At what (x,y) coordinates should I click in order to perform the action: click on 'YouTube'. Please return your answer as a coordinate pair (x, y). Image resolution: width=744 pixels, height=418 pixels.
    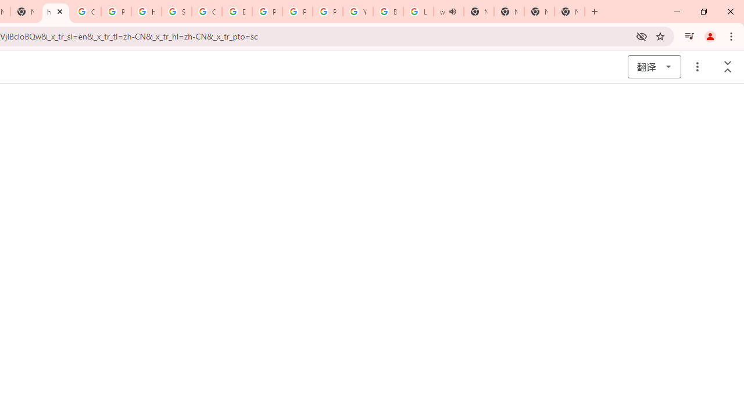
    Looking at the image, I should click on (357, 12).